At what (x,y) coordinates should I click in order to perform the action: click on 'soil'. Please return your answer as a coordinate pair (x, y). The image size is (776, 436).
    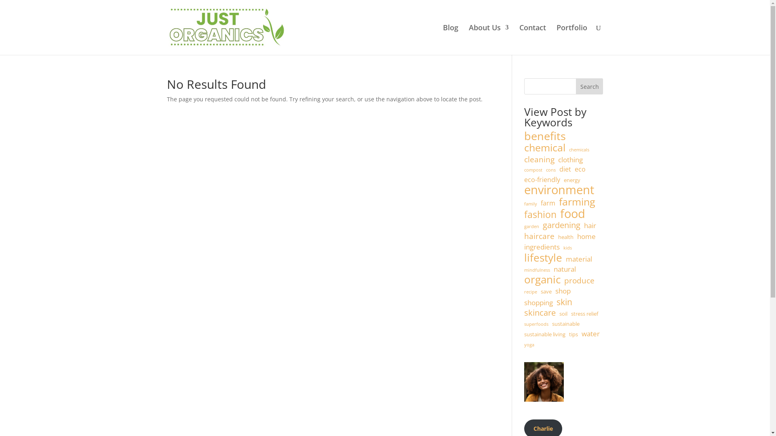
    Looking at the image, I should click on (563, 314).